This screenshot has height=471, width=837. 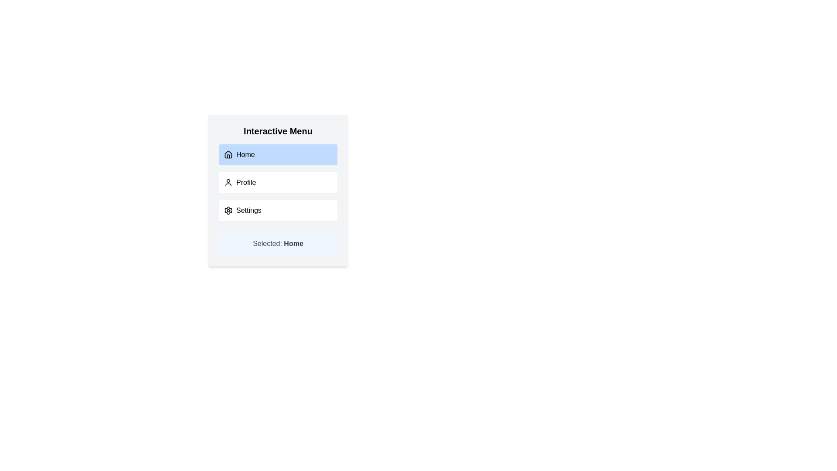 I want to click on the 'Home' icon located to the left of the text 'Home' within the topmost button of a vertically stacked menu, so click(x=228, y=154).